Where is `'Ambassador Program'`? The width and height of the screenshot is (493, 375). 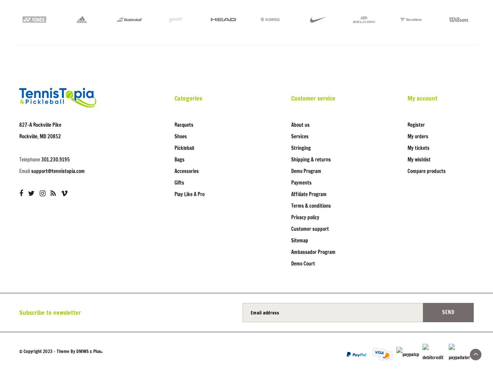
'Ambassador Program' is located at coordinates (313, 251).